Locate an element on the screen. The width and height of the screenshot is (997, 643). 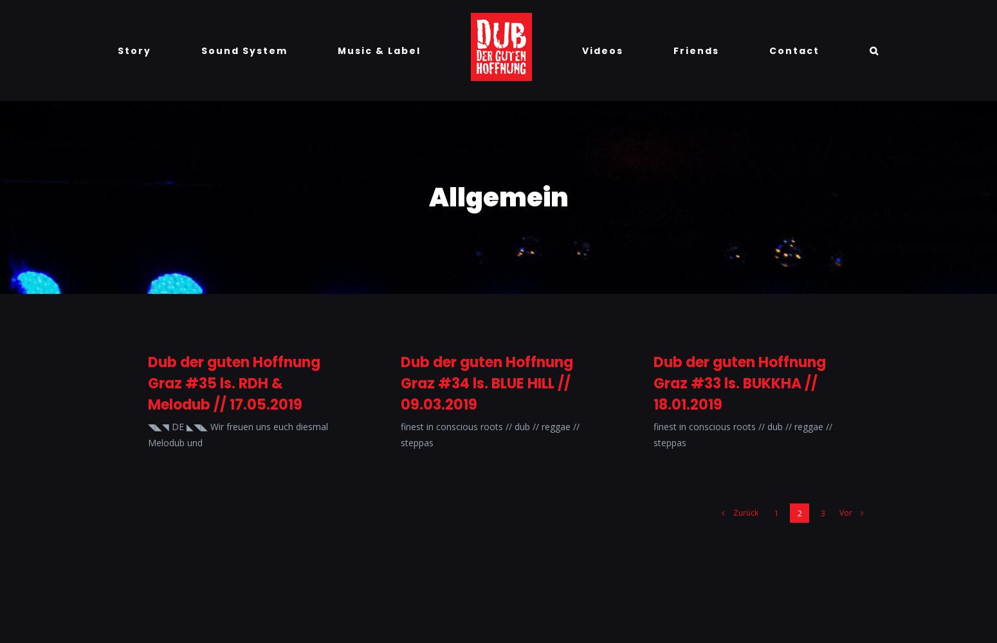
'Dub der guten Hoffnung Graz #34 ls. BLUE HILL // 09.03.2019' is located at coordinates (487, 383).